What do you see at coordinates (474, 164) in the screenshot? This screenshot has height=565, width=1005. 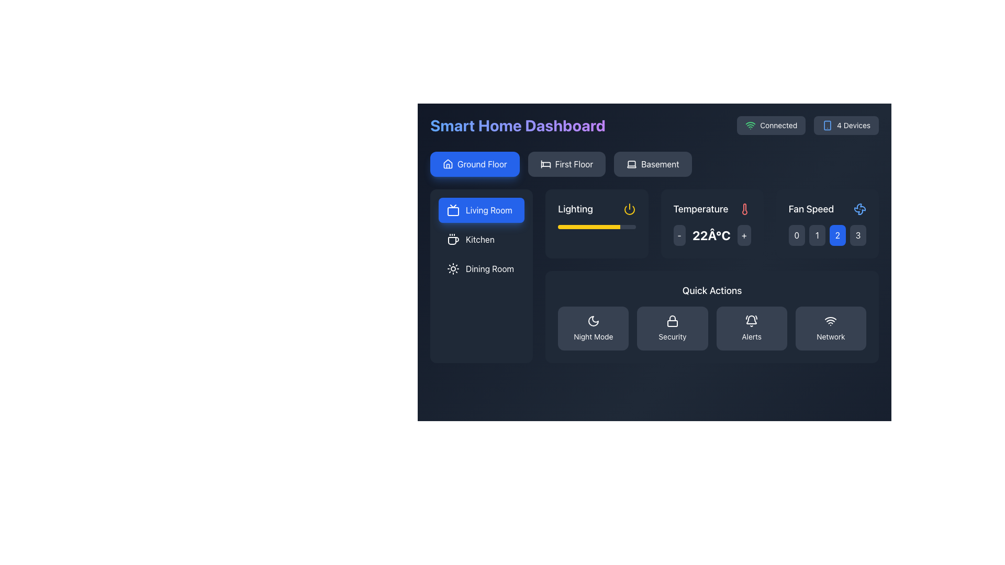 I see `the rectangular button with a blue background labeled 'Ground Floor', which is located in the top left portion of the interface` at bounding box center [474, 164].